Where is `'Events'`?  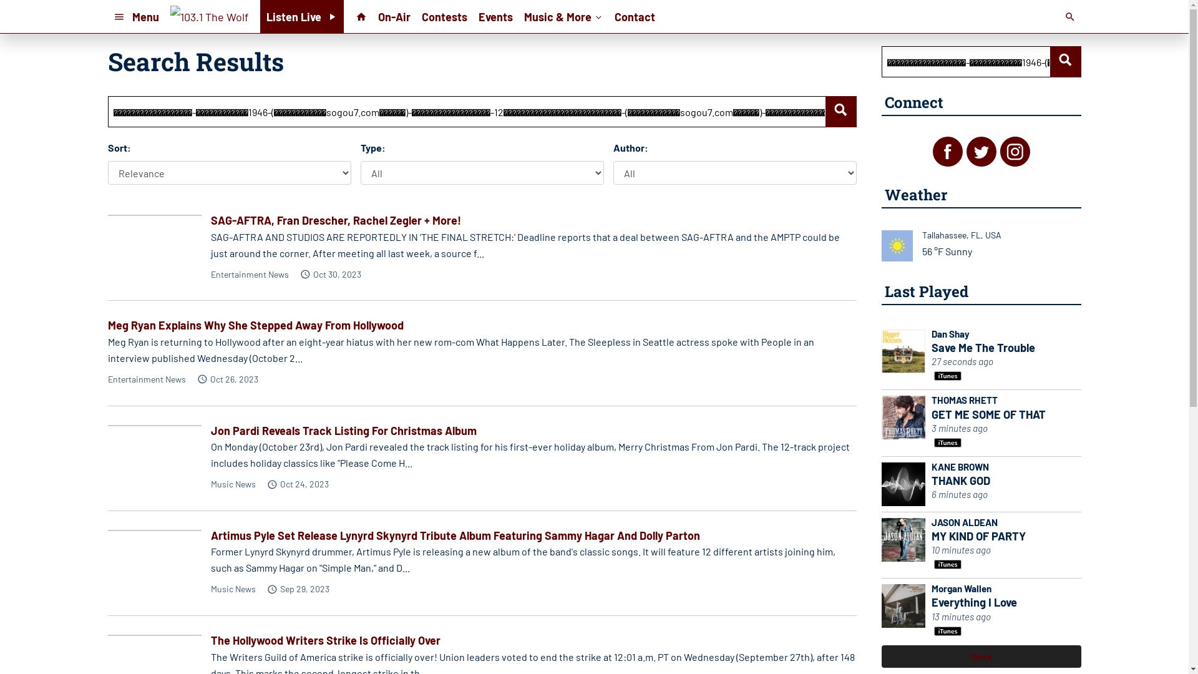
'Events' is located at coordinates (495, 16).